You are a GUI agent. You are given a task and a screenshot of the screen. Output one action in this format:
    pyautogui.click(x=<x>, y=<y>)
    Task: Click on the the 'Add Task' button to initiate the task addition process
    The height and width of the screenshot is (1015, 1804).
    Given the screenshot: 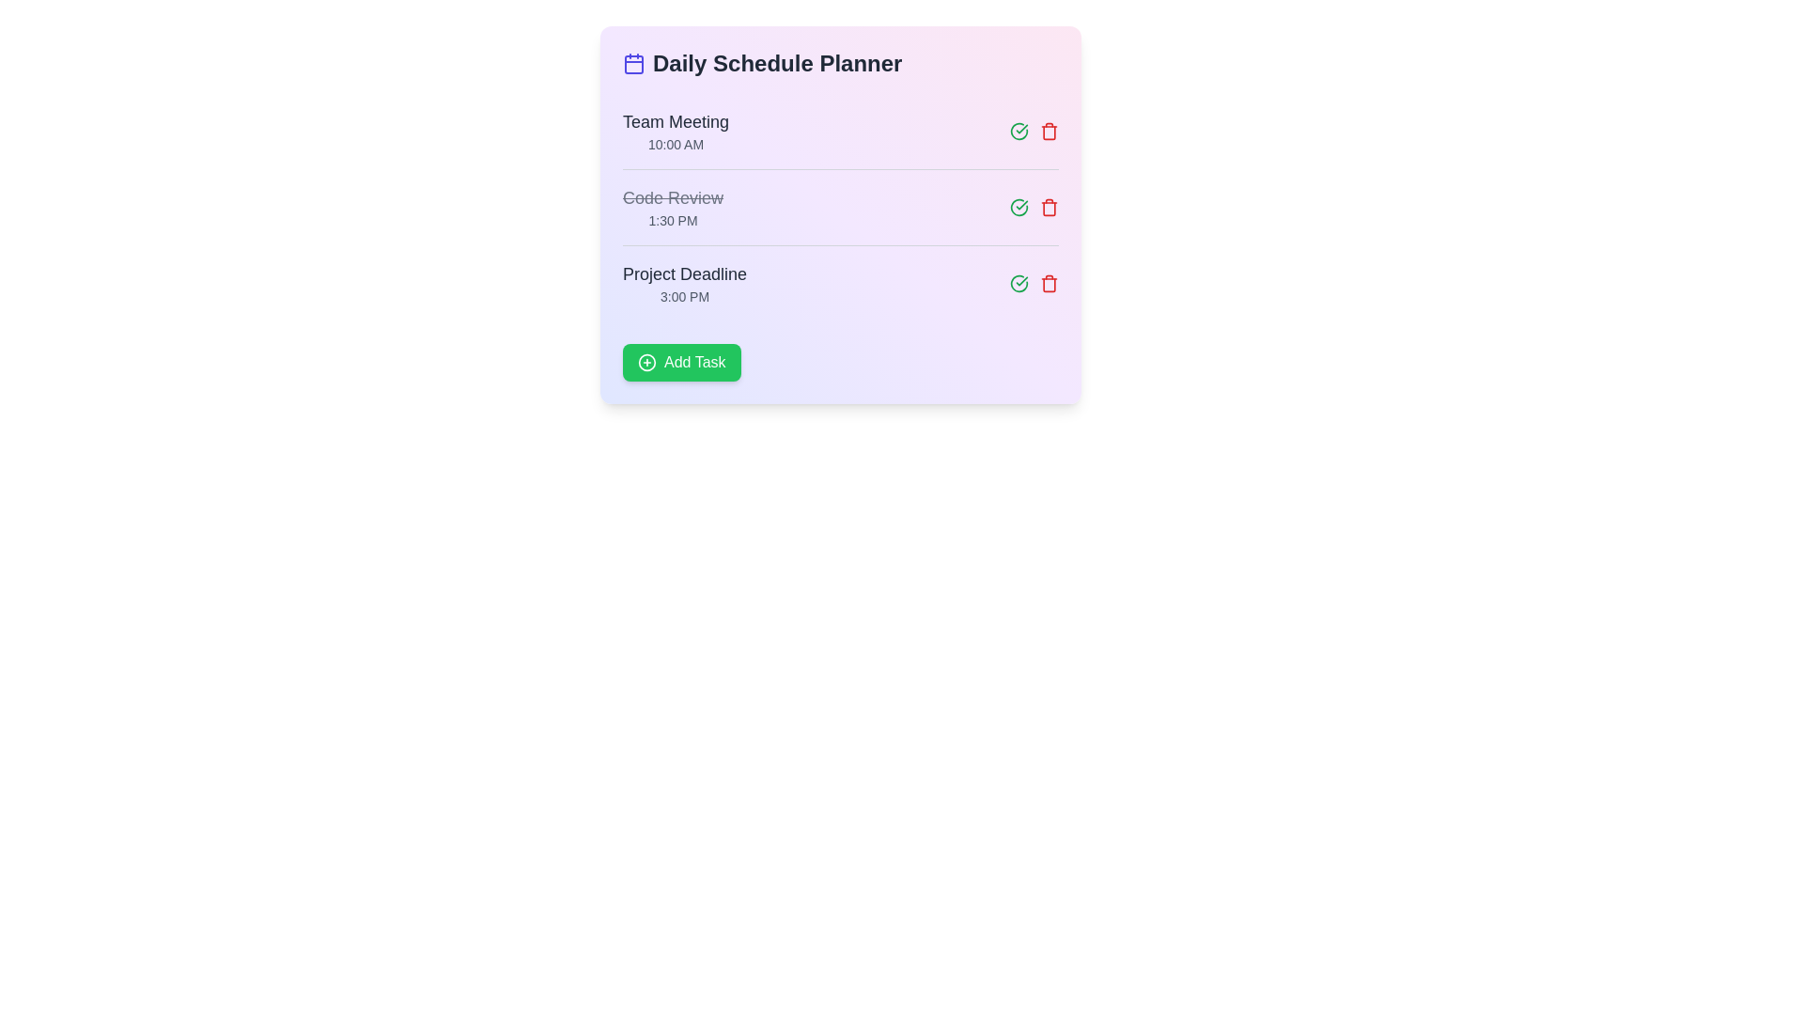 What is the action you would take?
    pyautogui.click(x=680, y=362)
    